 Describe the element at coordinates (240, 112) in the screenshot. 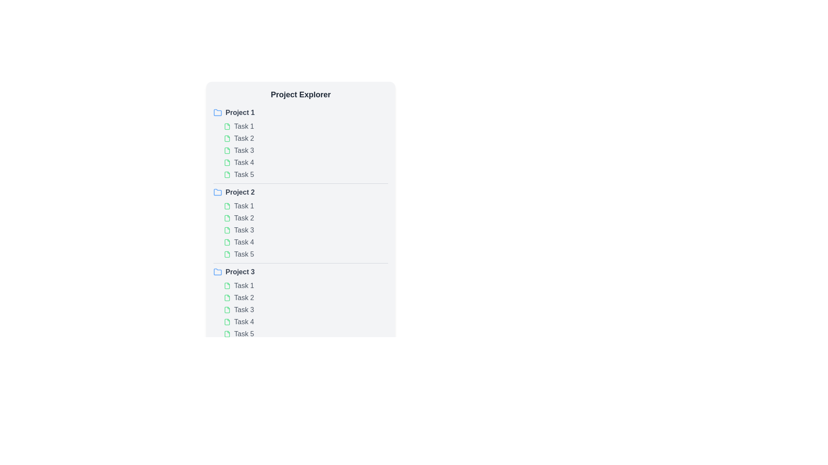

I see `the 'Project 1' text label, which is displayed in bold dark gray color and changes to blue on hover, located next to a blue folder icon in the 'Project Explorer' section` at that location.